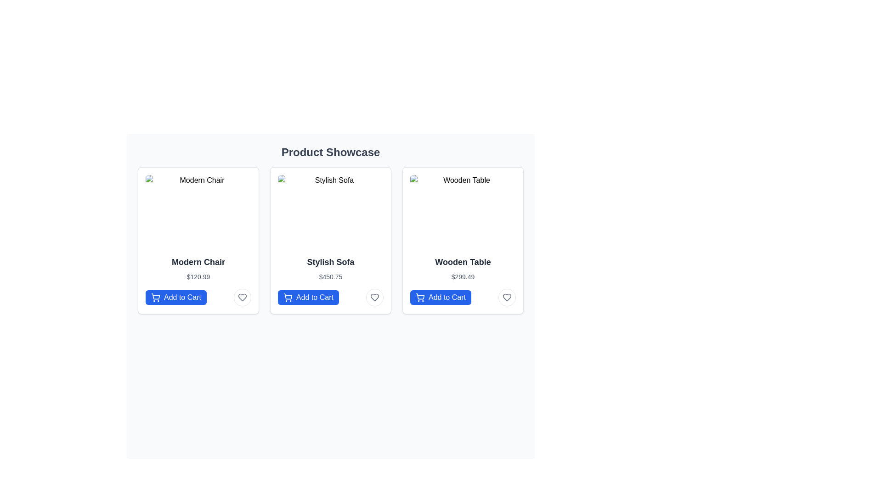 The image size is (882, 496). What do you see at coordinates (447, 298) in the screenshot?
I see `the blue button labeled 'Add to Cart' for the 'Wooden Table' product` at bounding box center [447, 298].